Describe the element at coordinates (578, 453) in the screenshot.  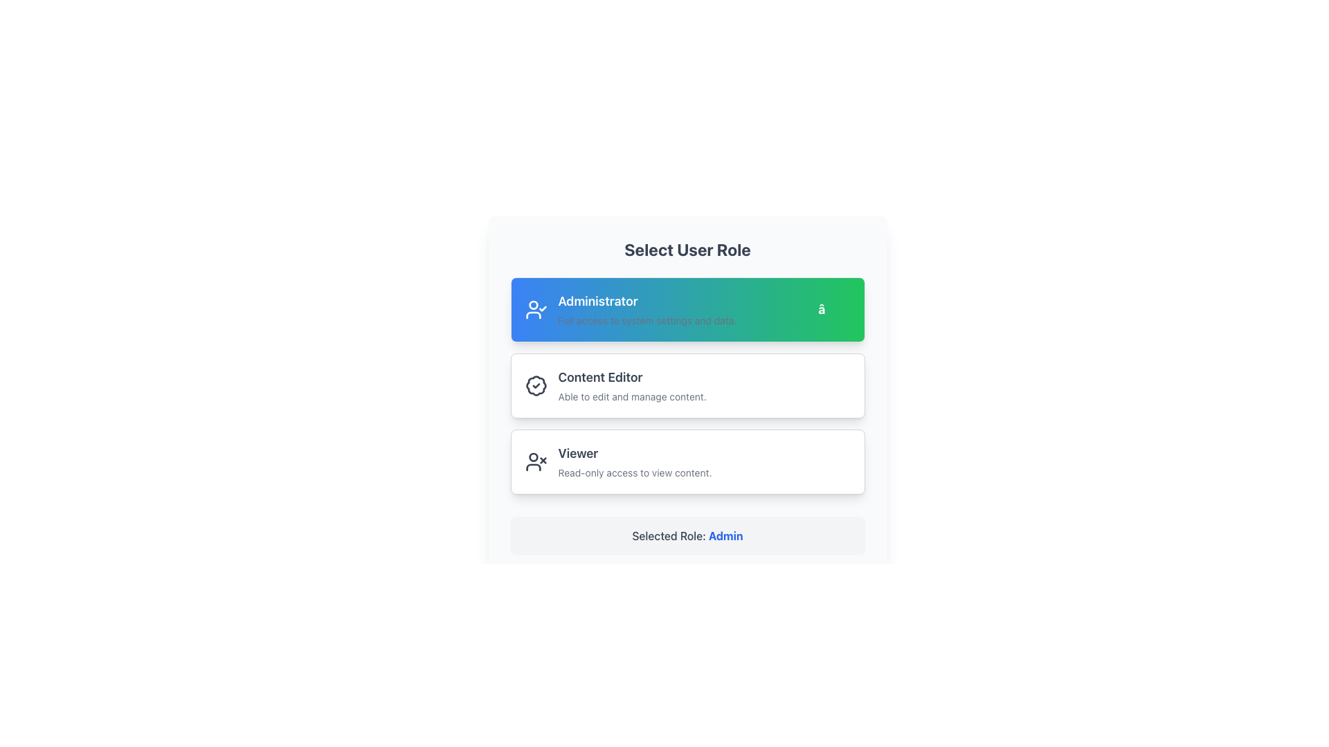
I see `the 'Viewer' label, which is a bold text label positioned at the top of a descriptive block about the Viewer role` at that location.